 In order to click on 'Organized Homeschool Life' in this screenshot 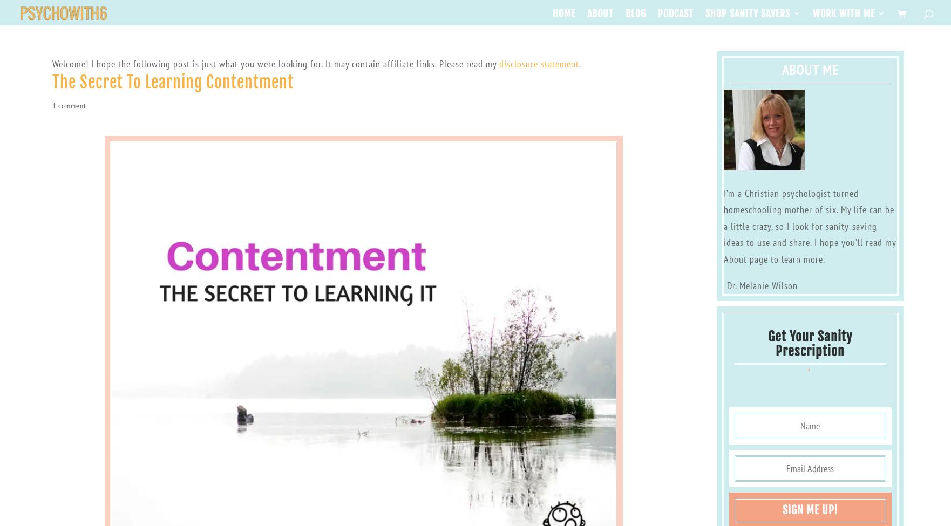, I will do `click(763, 85)`.